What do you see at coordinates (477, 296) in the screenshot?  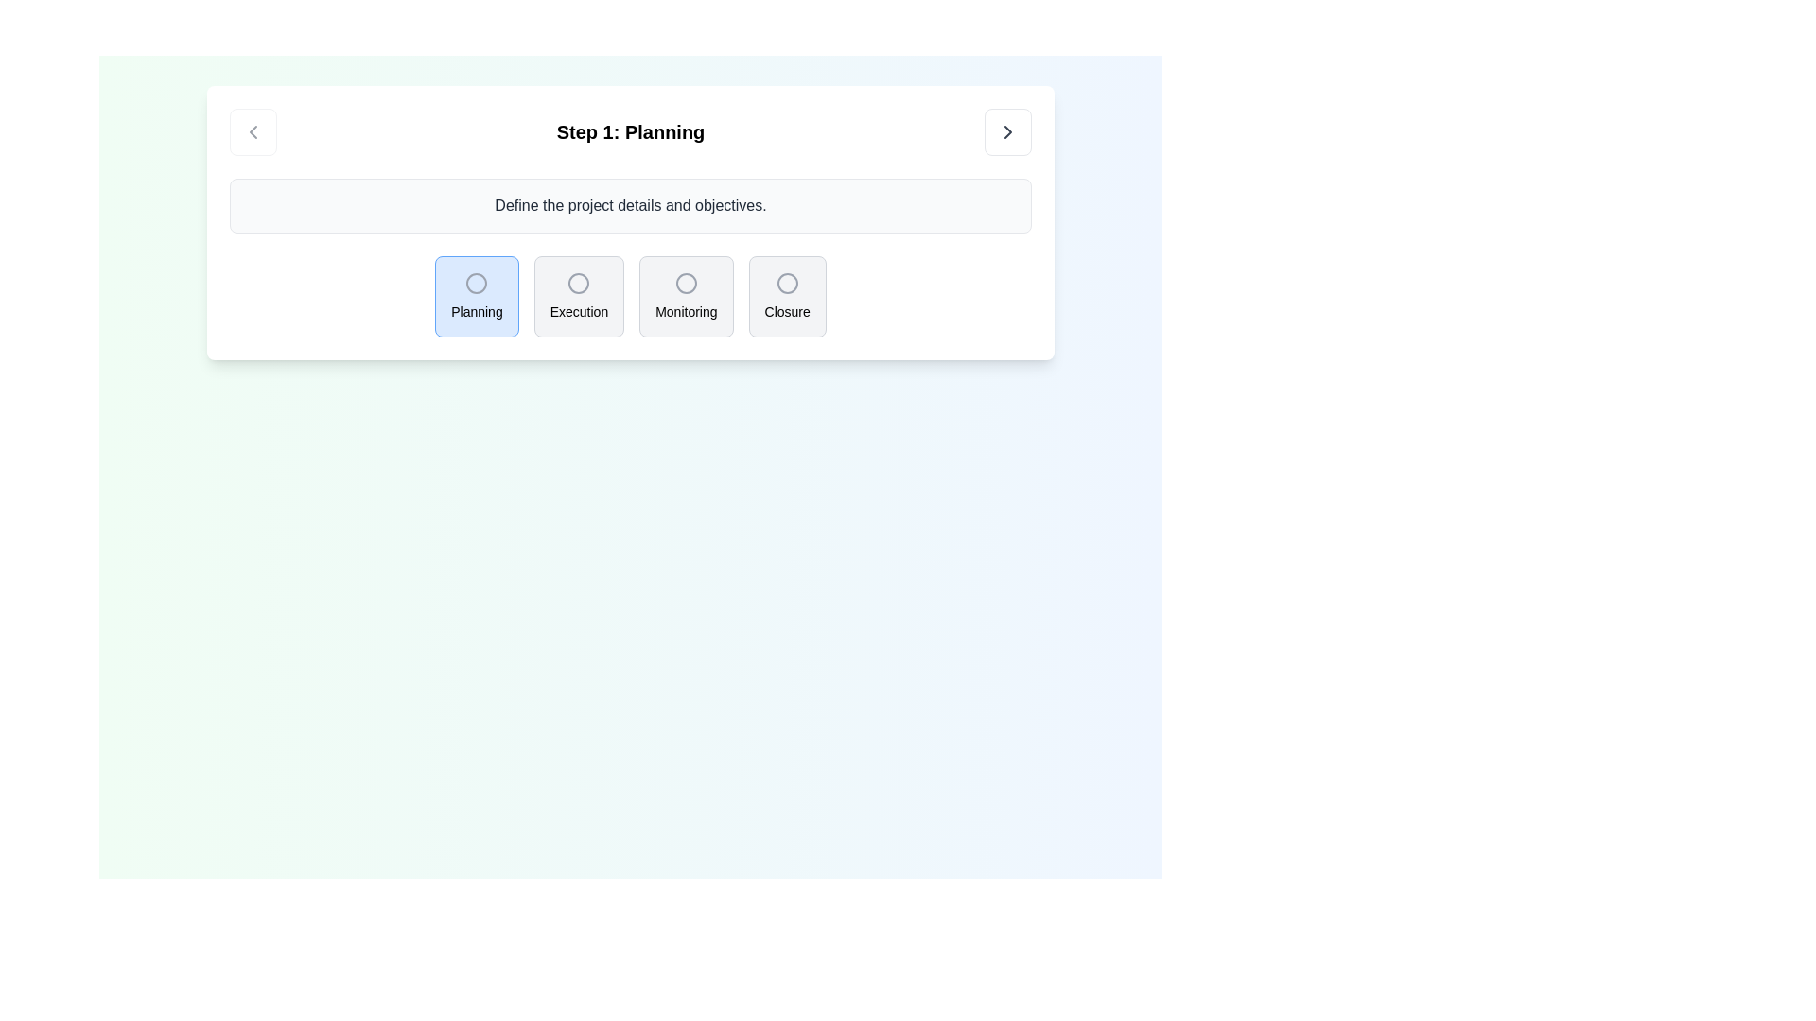 I see `the 'Planning' step indicator card` at bounding box center [477, 296].